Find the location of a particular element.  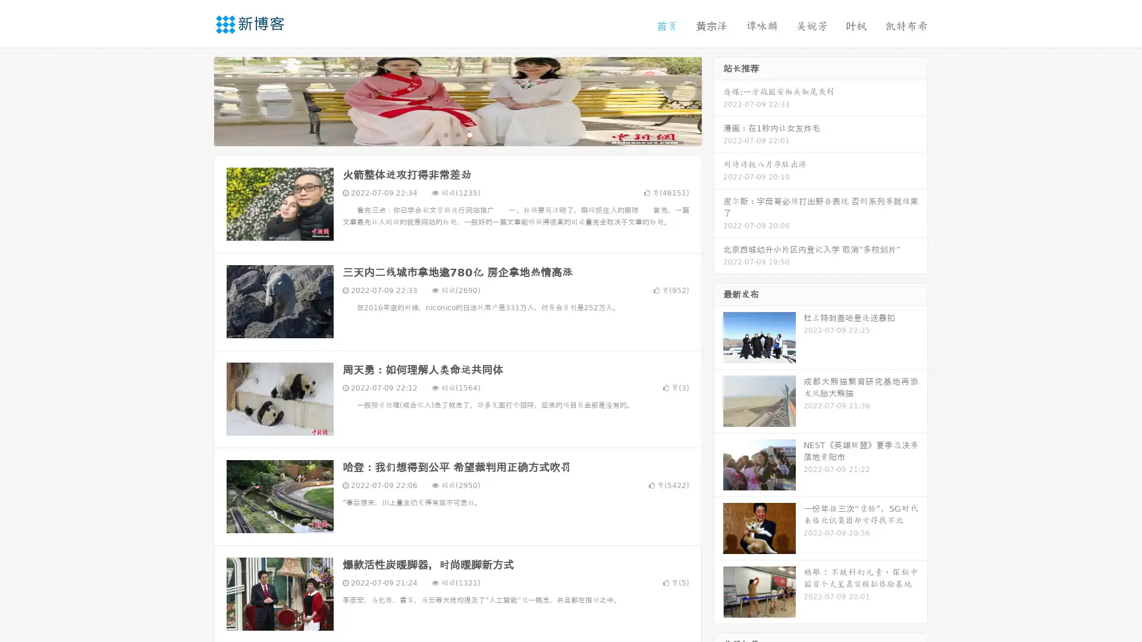

Go to slide 2 is located at coordinates (457, 134).